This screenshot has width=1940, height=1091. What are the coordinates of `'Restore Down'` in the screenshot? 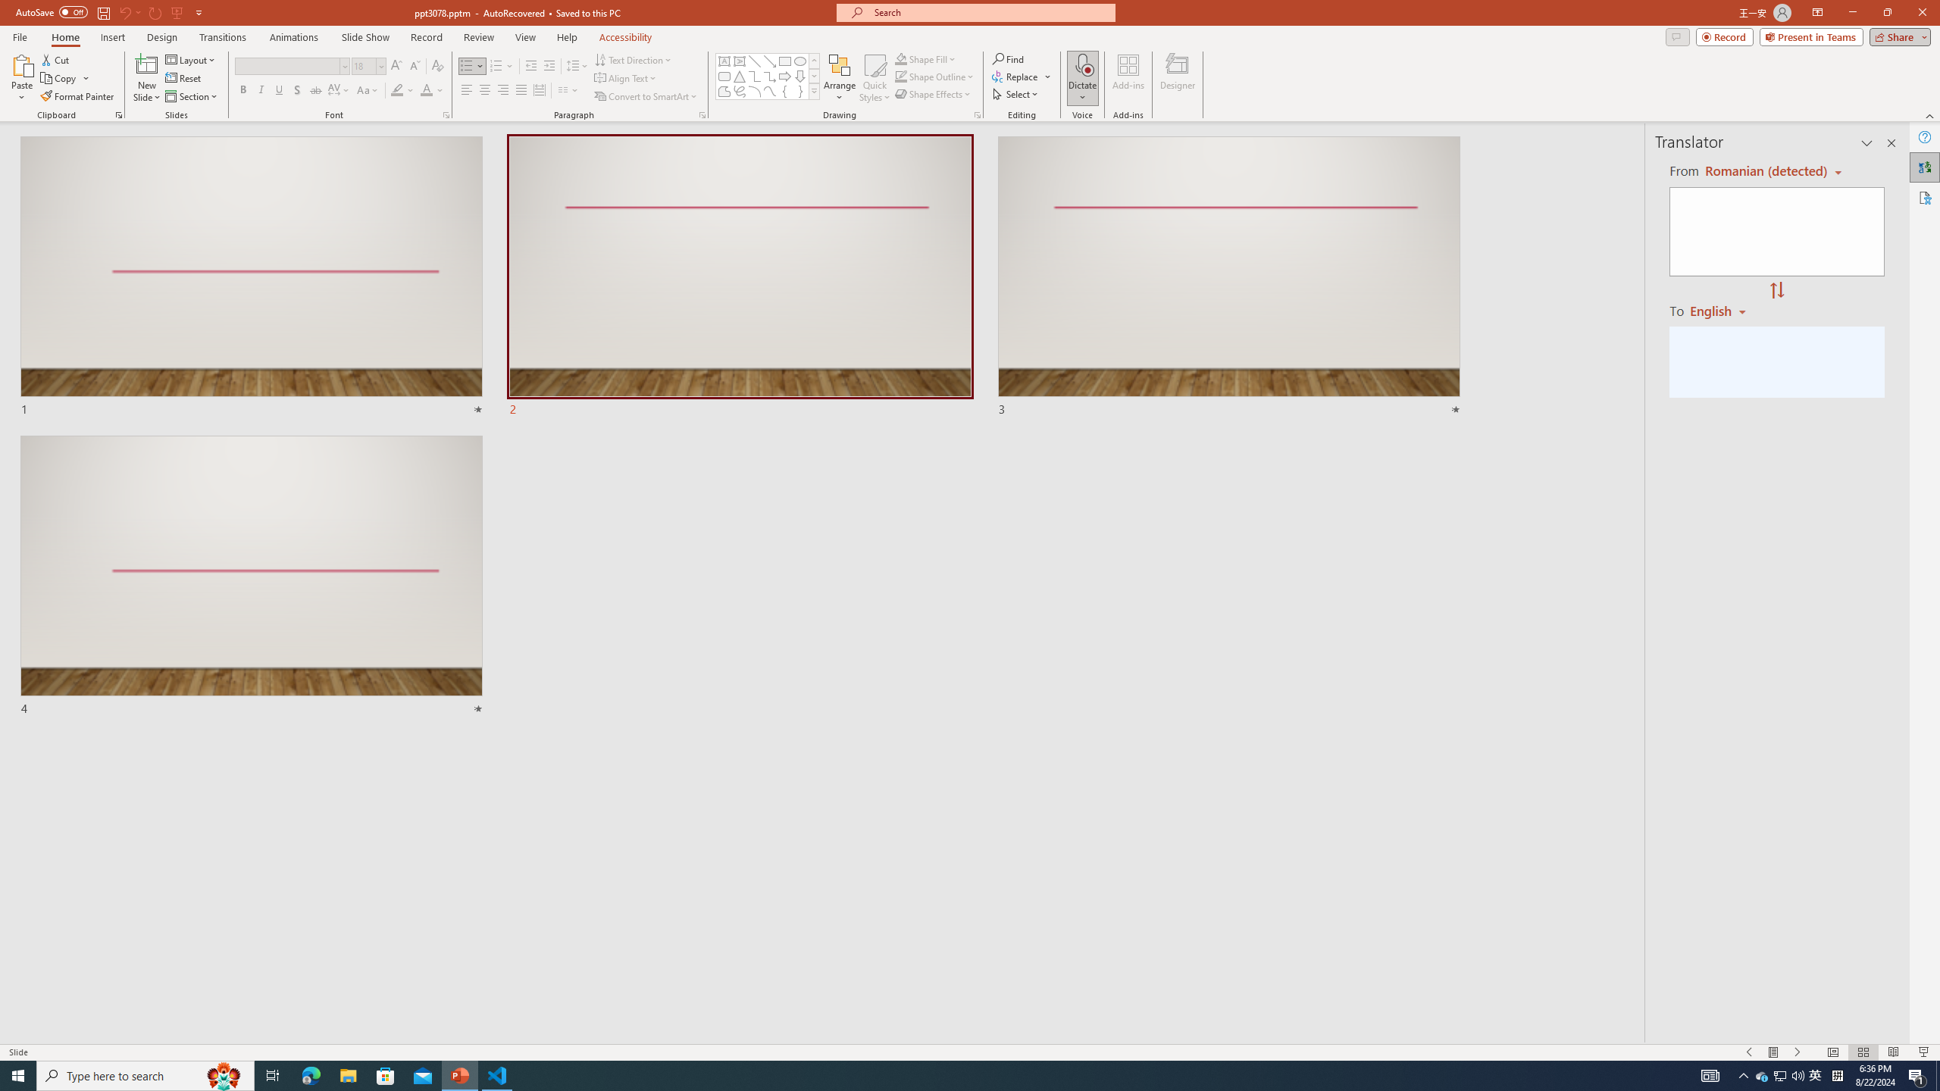 It's located at (1887, 12).